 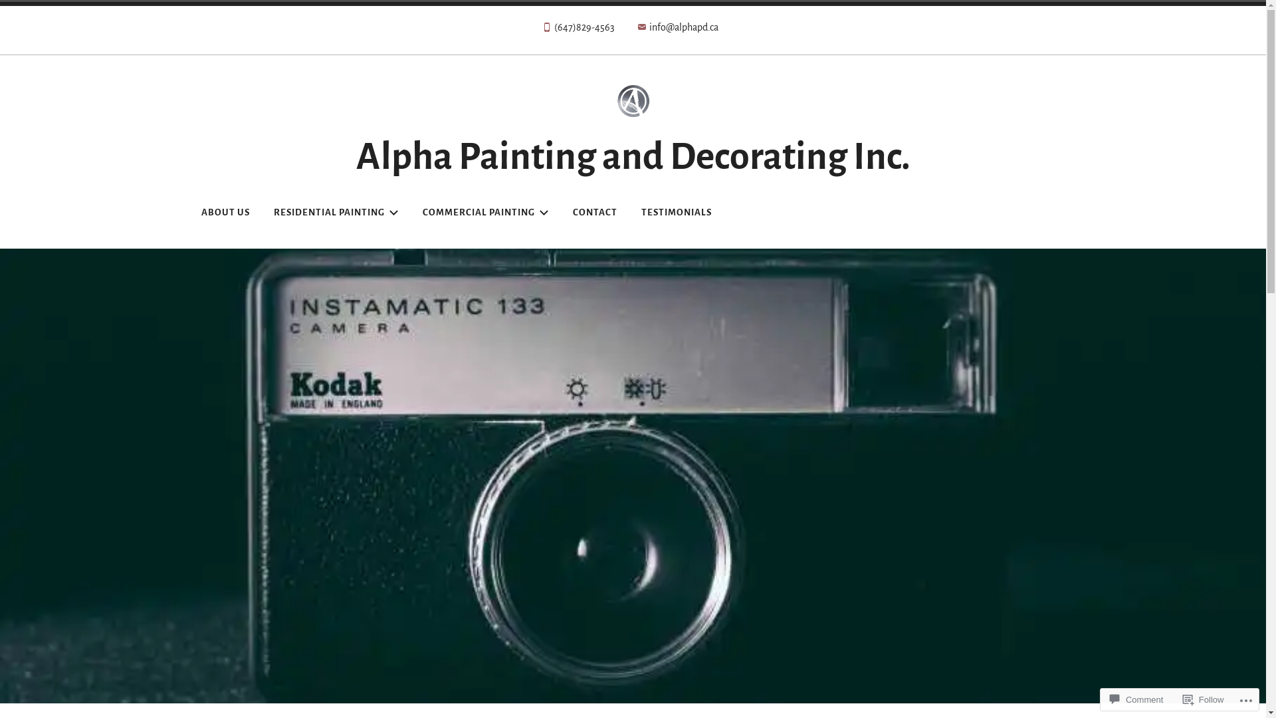 I want to click on 'E-mail info@alphapd.ca', so click(x=677, y=30).